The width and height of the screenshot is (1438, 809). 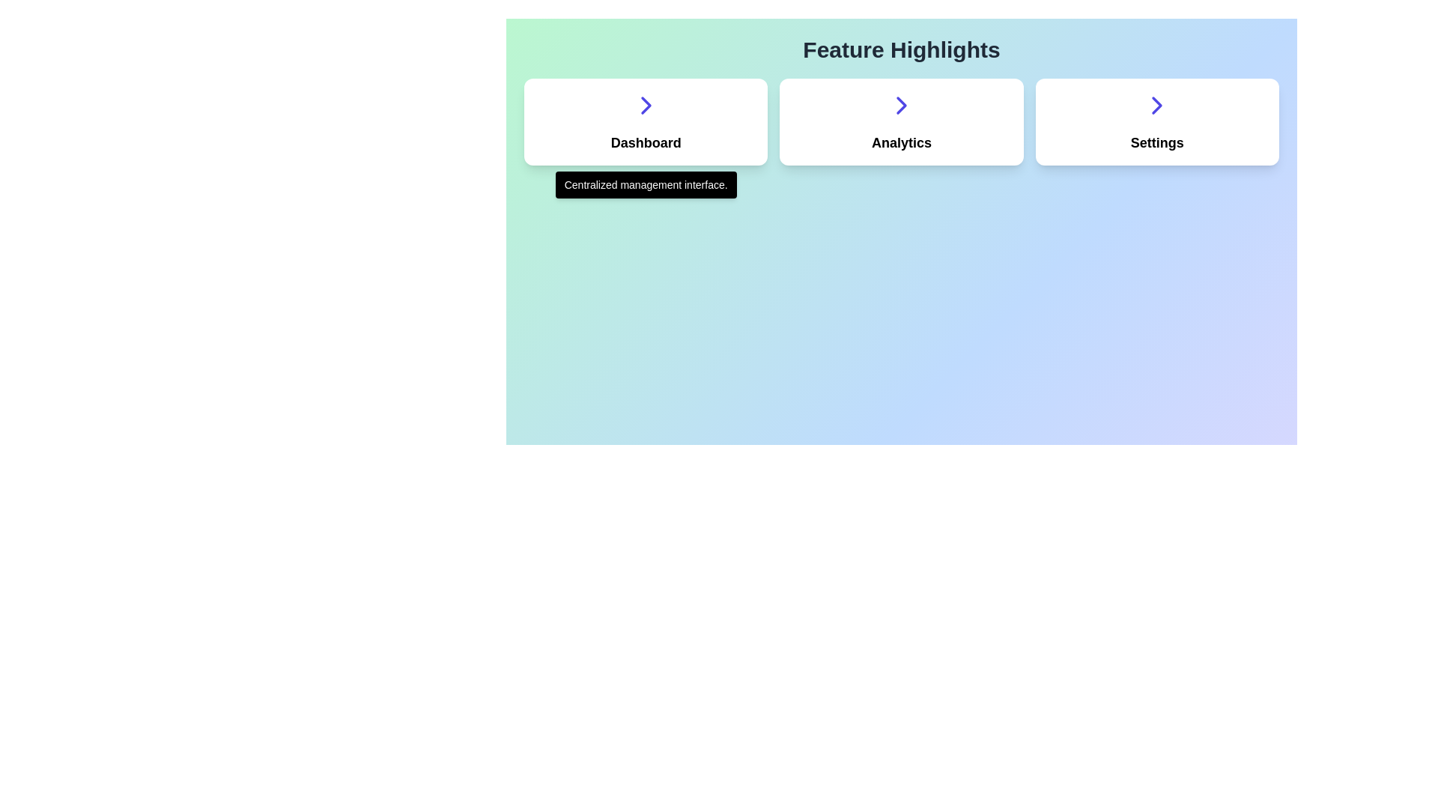 What do you see at coordinates (901, 105) in the screenshot?
I see `the chevron icon located in the center of the 'Analytics' card, which serves as a navigation indicator for accessing detailed information` at bounding box center [901, 105].